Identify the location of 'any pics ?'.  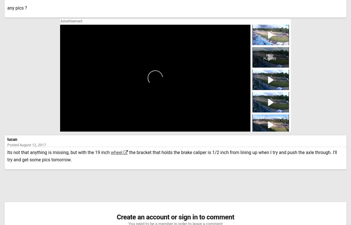
(17, 8).